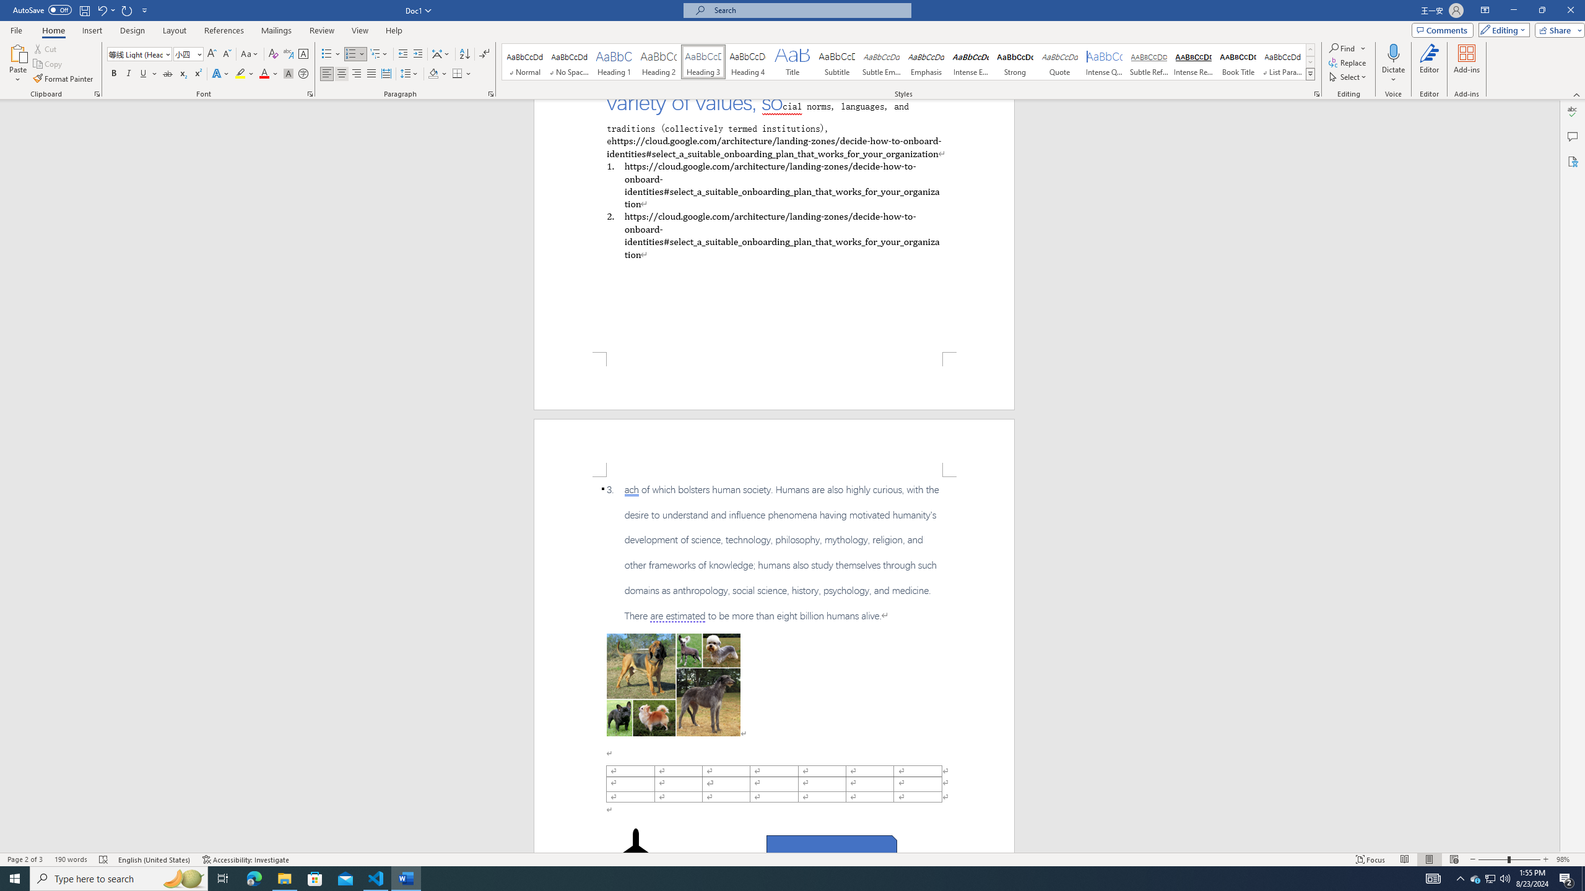 Image resolution: width=1585 pixels, height=891 pixels. I want to click on 'Subtle Emphasis', so click(880, 61).